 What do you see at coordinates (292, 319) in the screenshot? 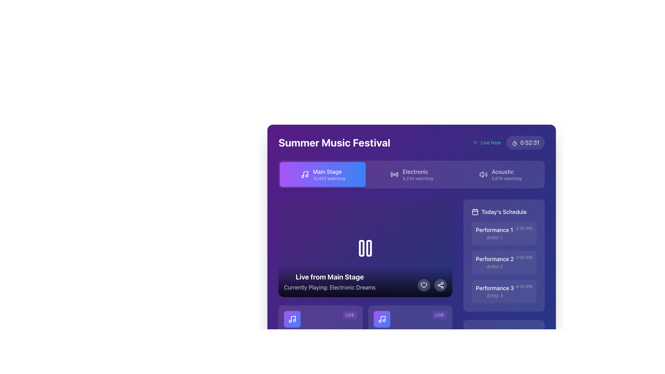
I see `the square icon with a gradient background and a white music note symbol, located at the bottom-left of the interface` at bounding box center [292, 319].